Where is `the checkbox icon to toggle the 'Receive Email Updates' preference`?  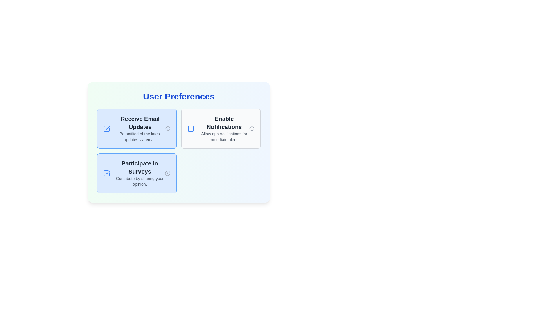
the checkbox icon to toggle the 'Receive Email Updates' preference is located at coordinates (107, 128).